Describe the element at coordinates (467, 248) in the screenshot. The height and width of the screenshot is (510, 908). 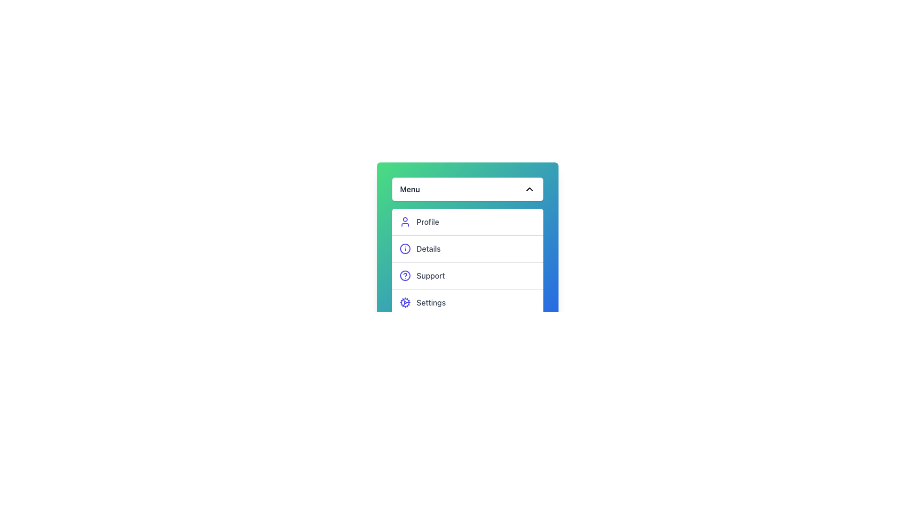
I see `the second button in the vertical list` at that location.